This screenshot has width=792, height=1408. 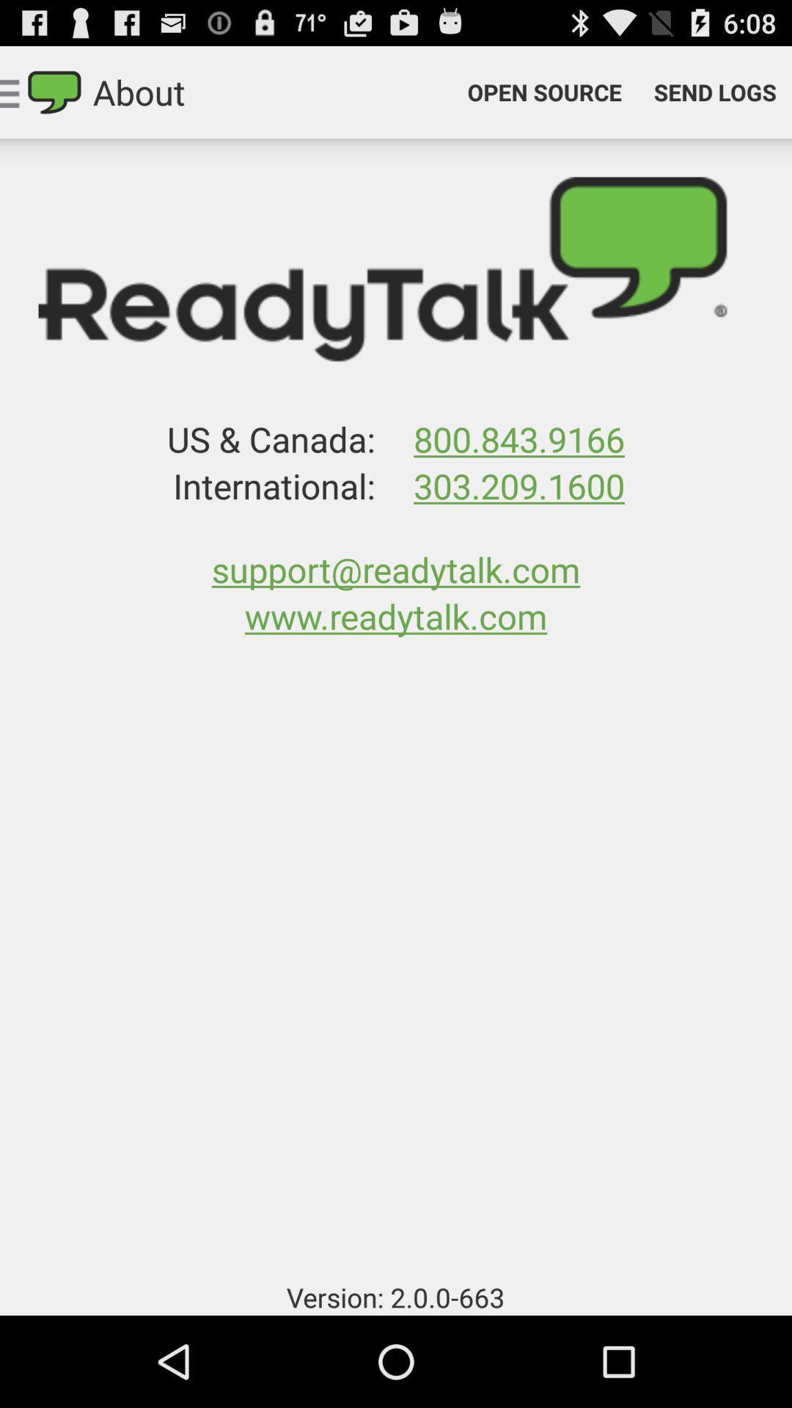 What do you see at coordinates (544, 91) in the screenshot?
I see `app next to the about` at bounding box center [544, 91].